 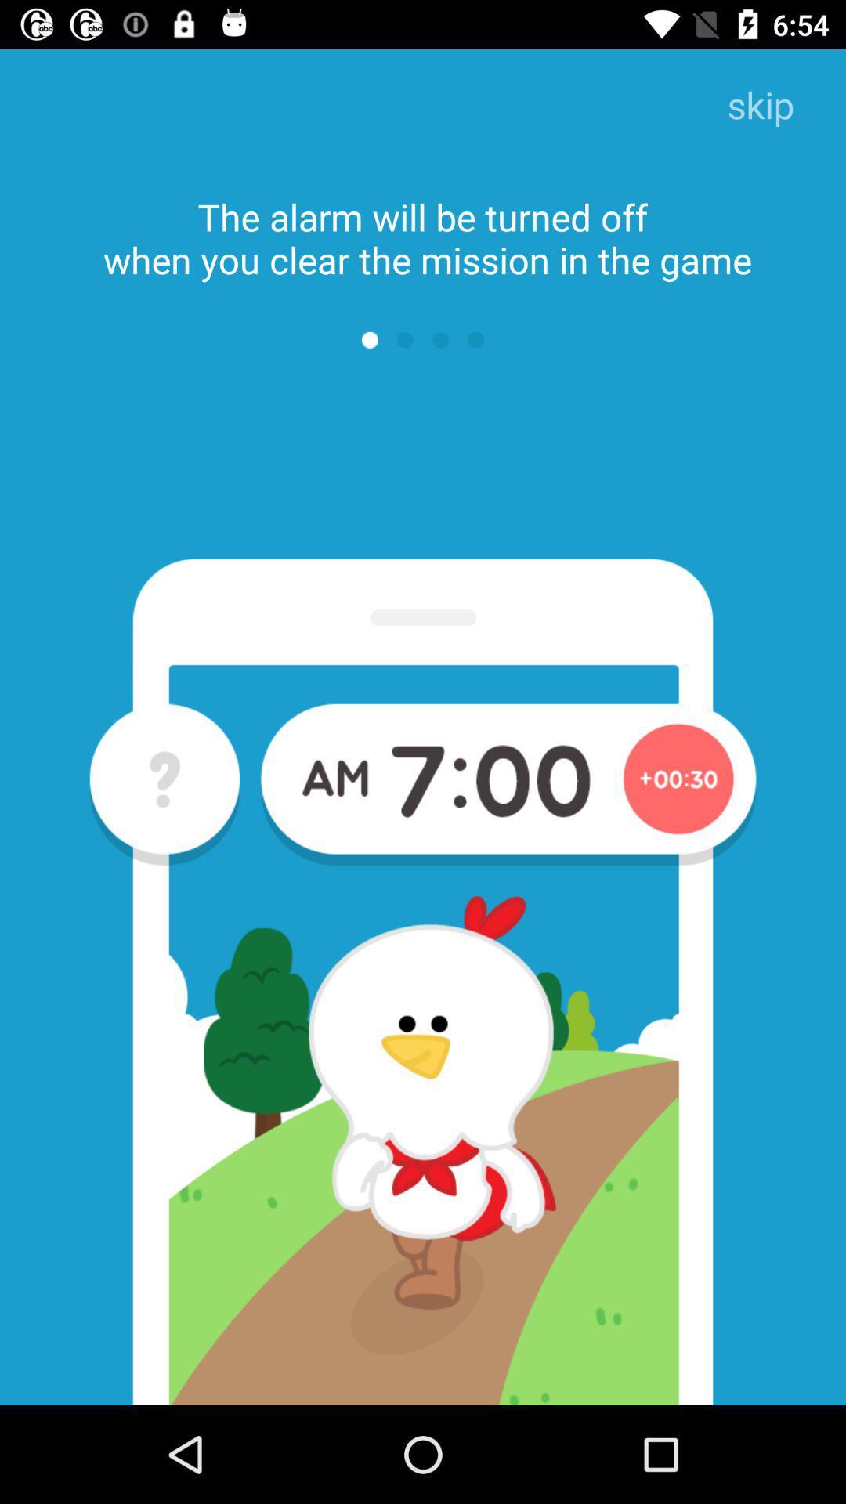 What do you see at coordinates (760, 106) in the screenshot?
I see `item at the top right corner` at bounding box center [760, 106].